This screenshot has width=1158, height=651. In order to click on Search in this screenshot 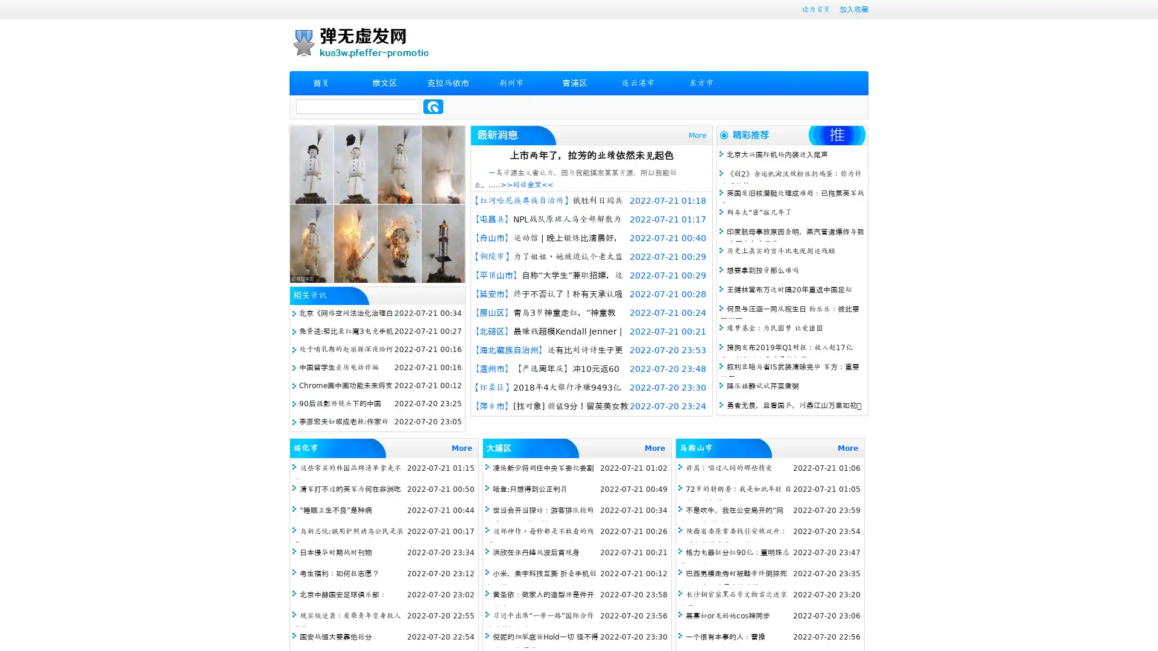, I will do `click(433, 106)`.